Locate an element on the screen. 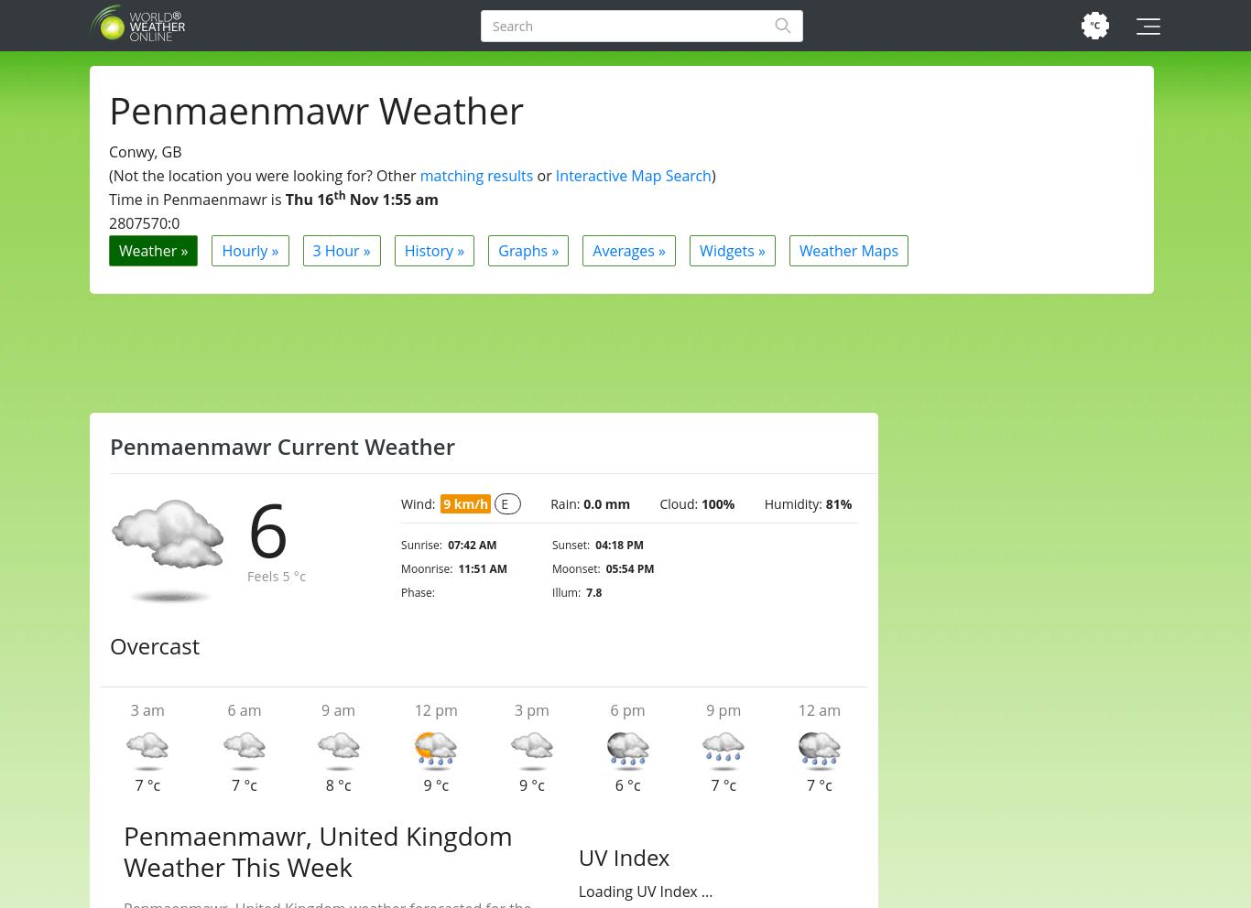 The image size is (1251, 908). 'th' is located at coordinates (332, 195).